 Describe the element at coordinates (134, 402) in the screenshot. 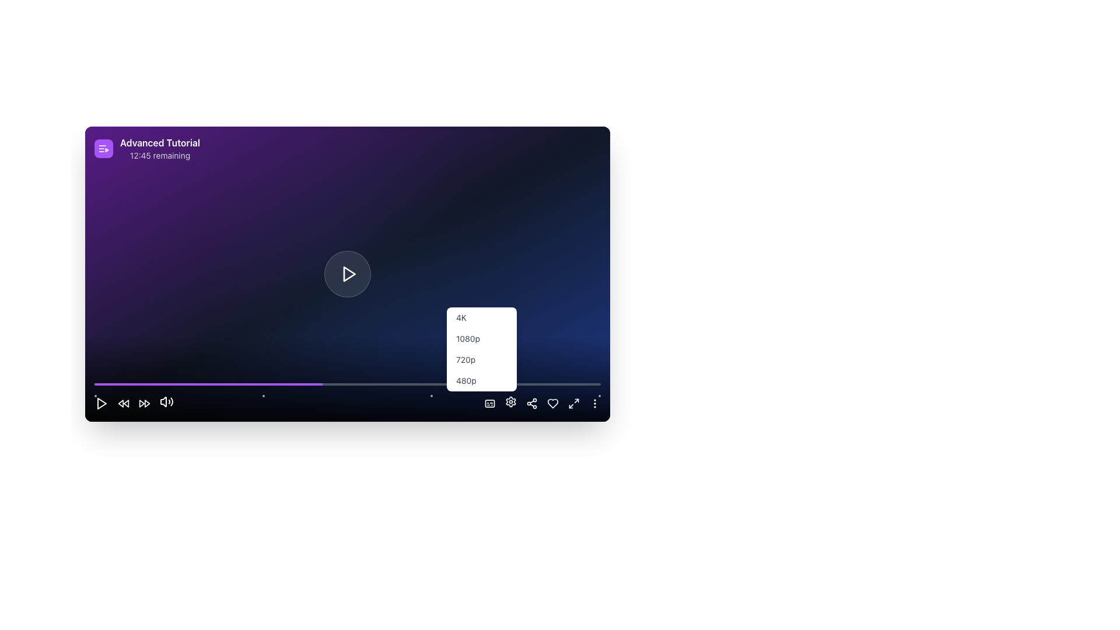

I see `the second circular button from the left in the row of control buttons located at the bottom left corner of the interface` at that location.